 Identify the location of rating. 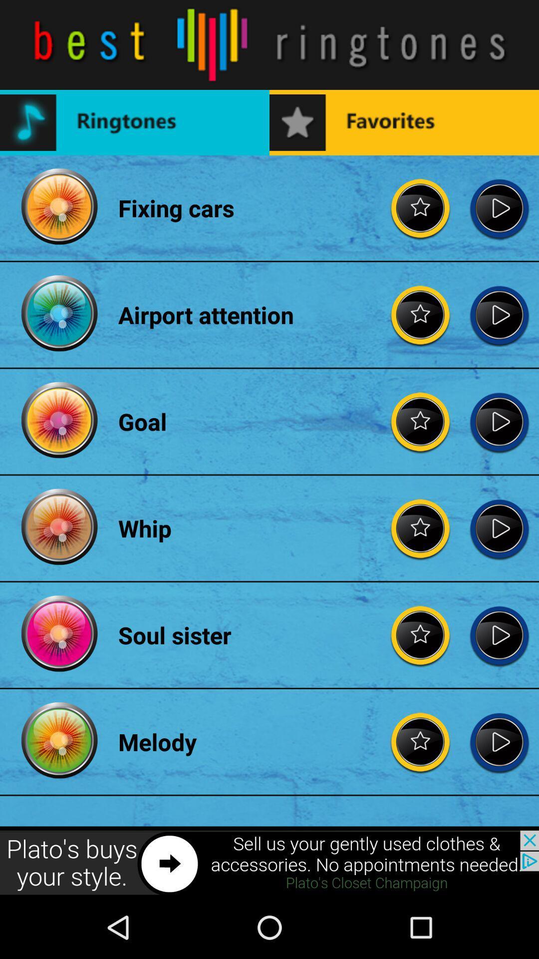
(421, 742).